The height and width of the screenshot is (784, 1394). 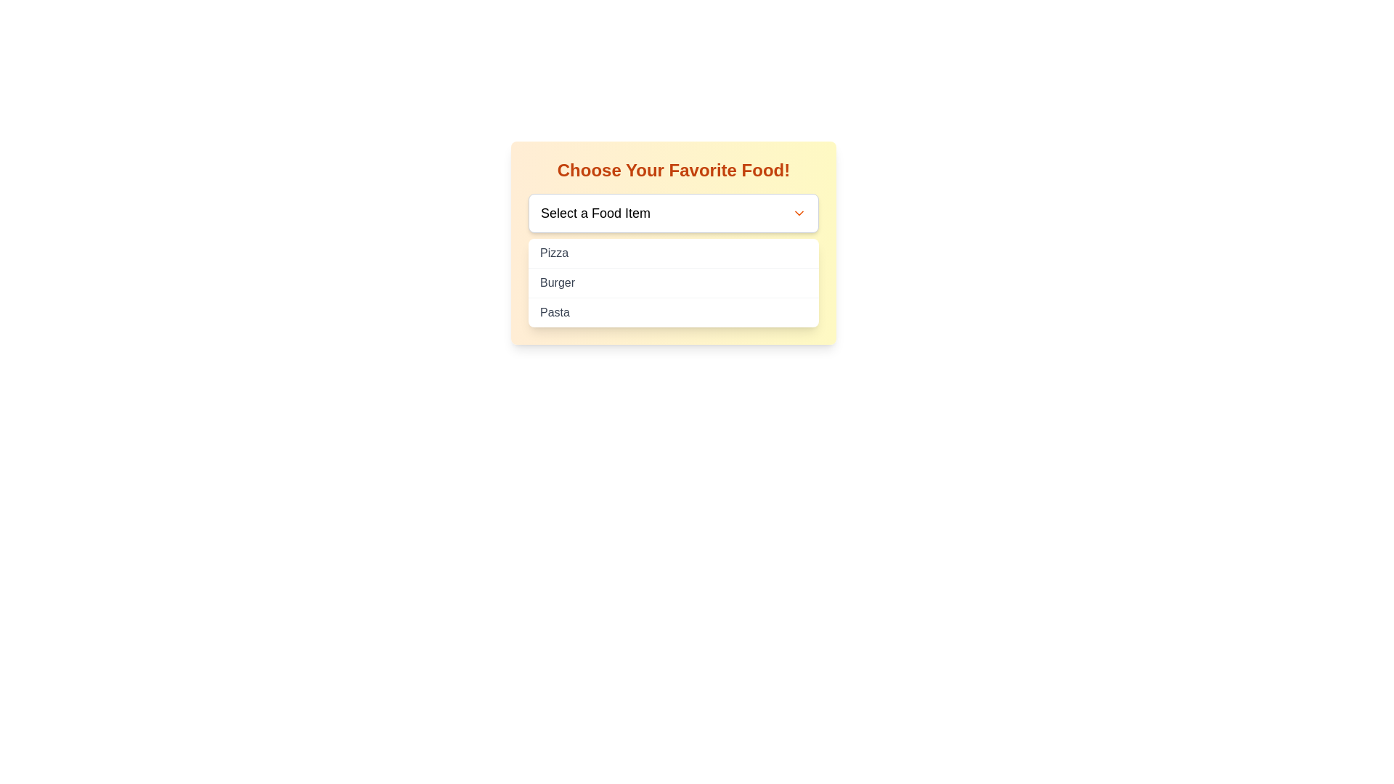 I want to click on the 'Burger' text label in the dropdown menu, so click(x=557, y=282).